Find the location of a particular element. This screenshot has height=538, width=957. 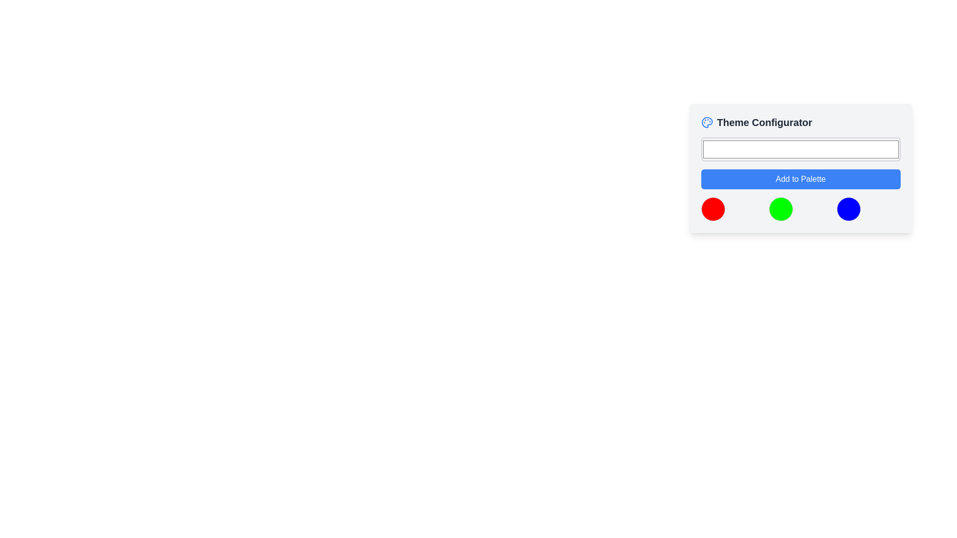

the leftmost circular button in the color palette configuration section is located at coordinates (712, 209).